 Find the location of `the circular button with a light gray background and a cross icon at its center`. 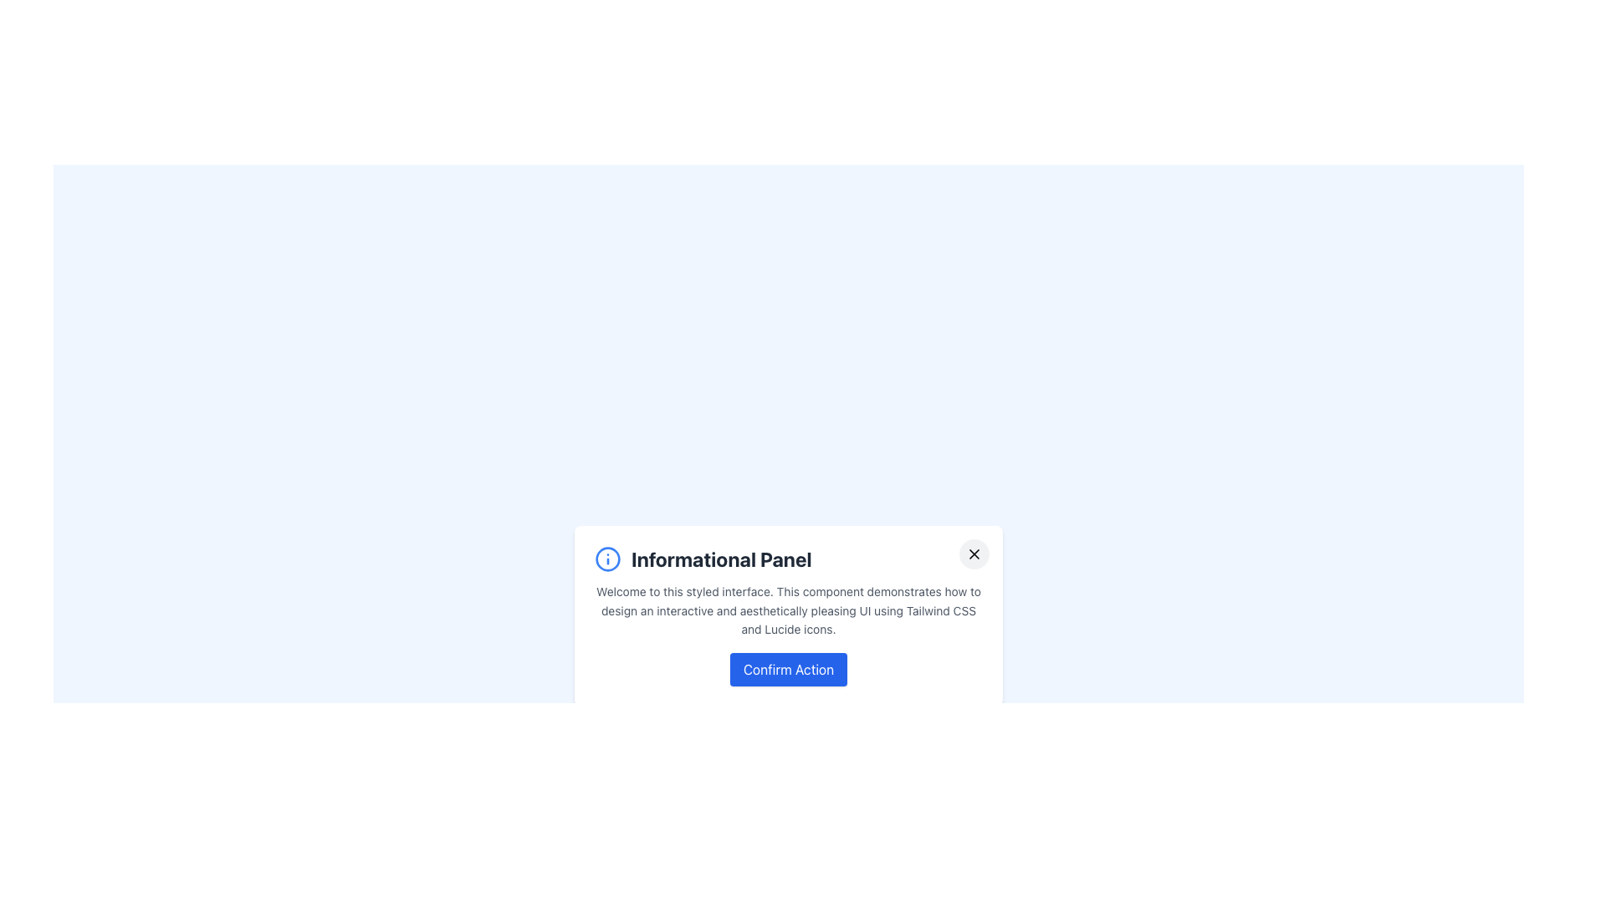

the circular button with a light gray background and a cross icon at its center is located at coordinates (974, 554).